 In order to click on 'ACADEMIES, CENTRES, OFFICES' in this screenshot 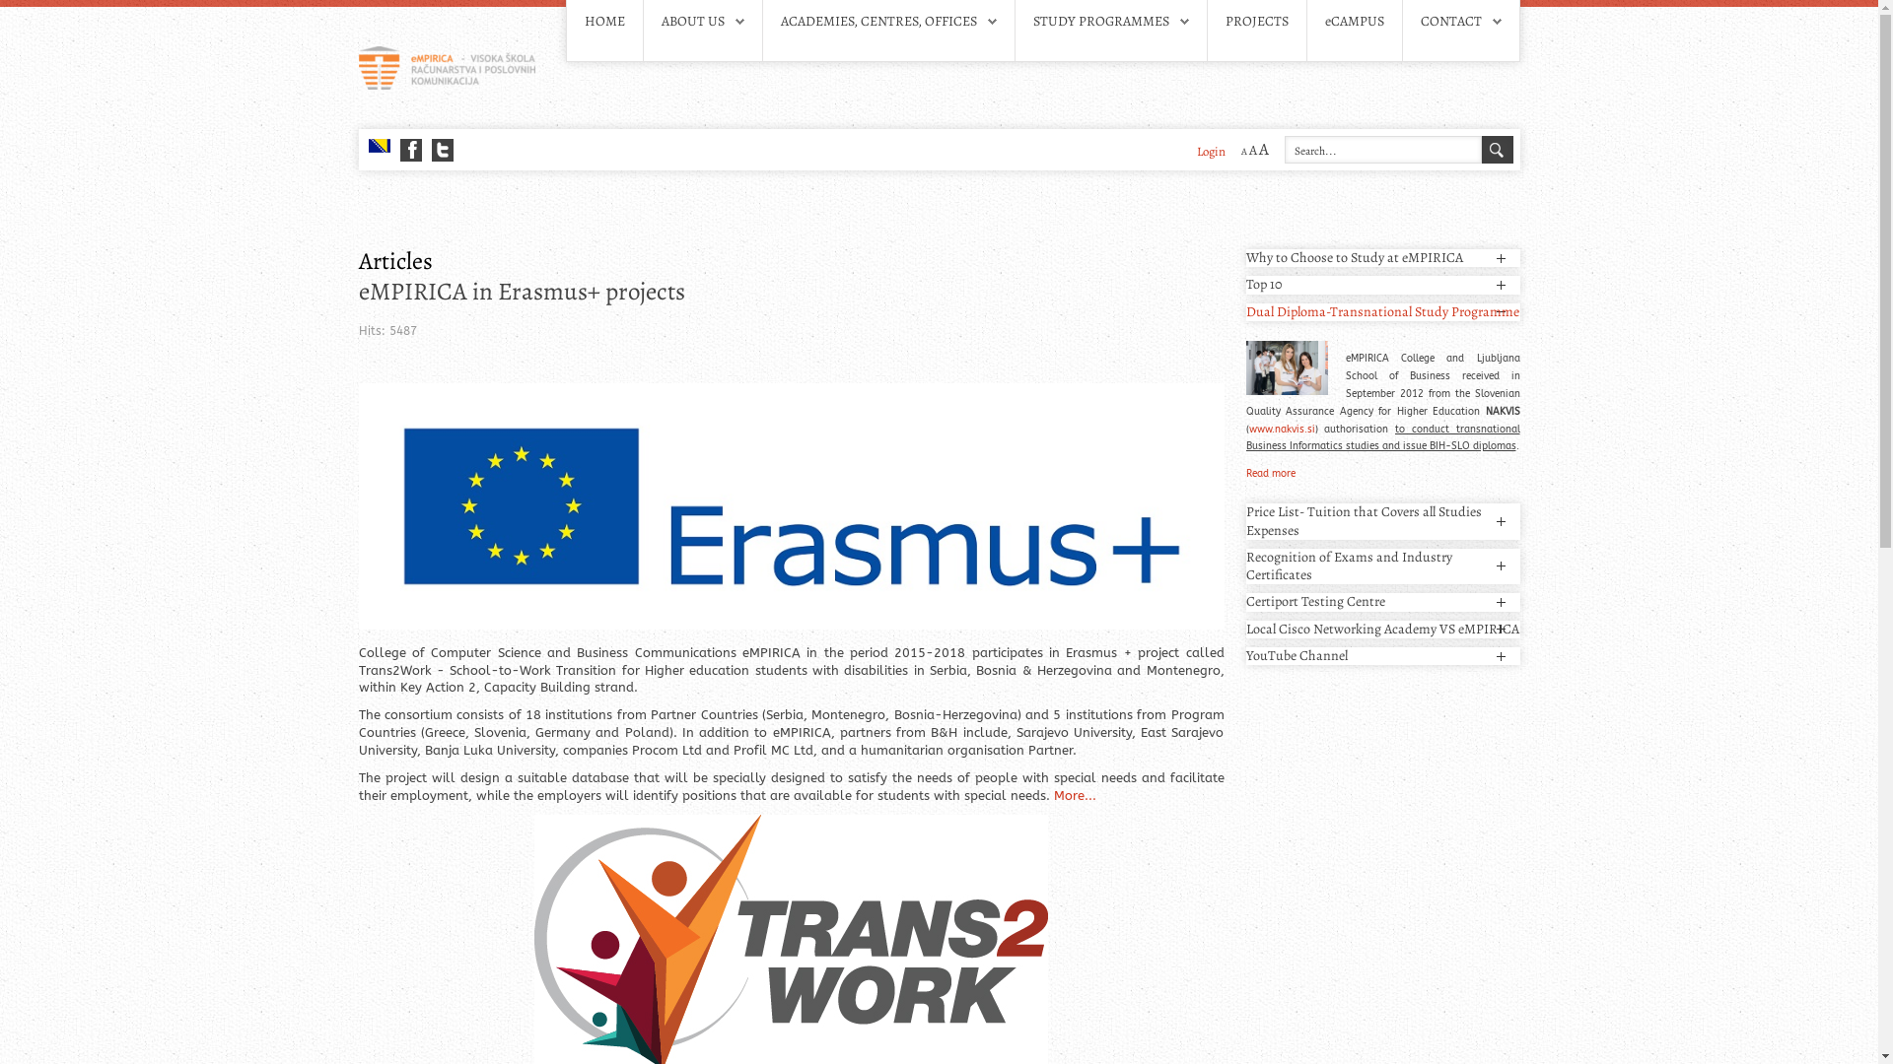, I will do `click(887, 22)`.